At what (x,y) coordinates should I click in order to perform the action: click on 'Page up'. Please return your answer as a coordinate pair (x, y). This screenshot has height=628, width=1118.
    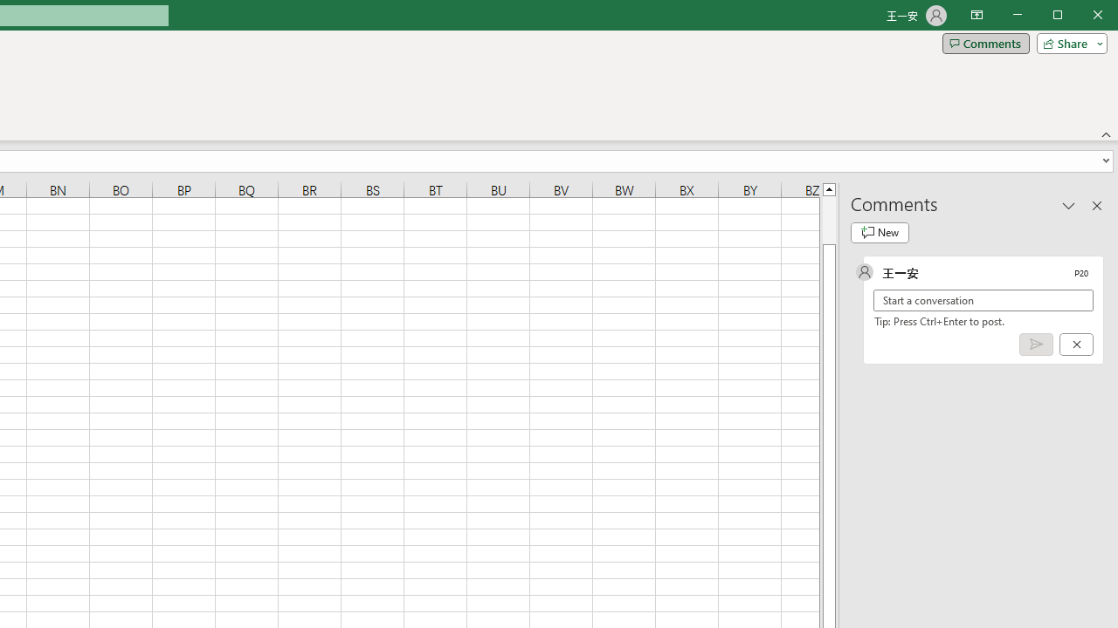
    Looking at the image, I should click on (828, 219).